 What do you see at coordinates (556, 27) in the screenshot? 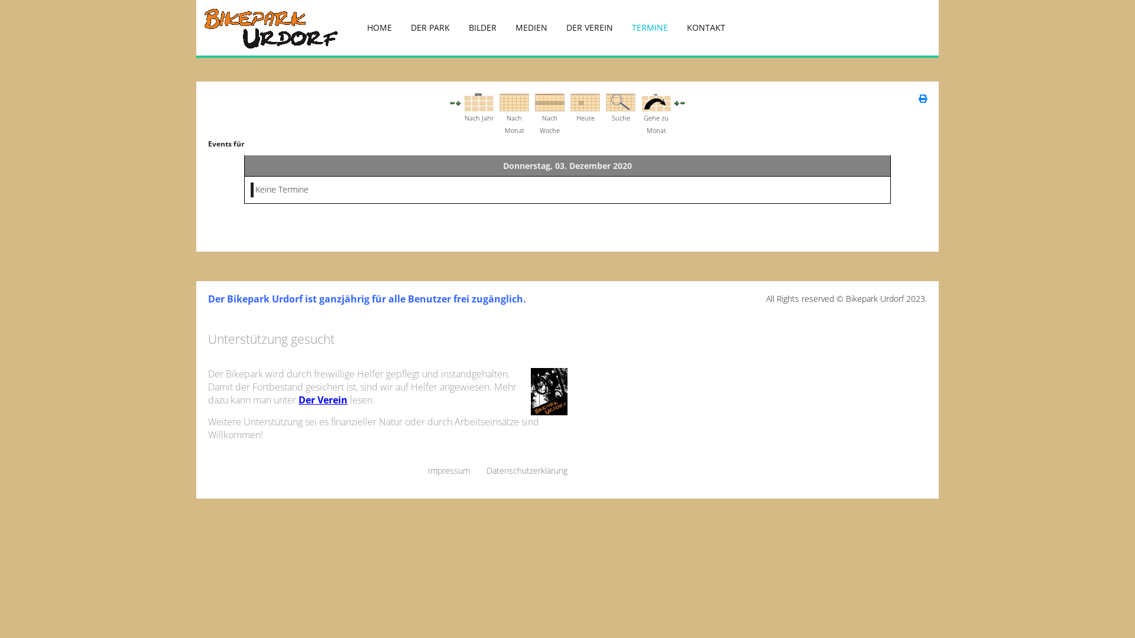
I see `'DER VEREIN'` at bounding box center [556, 27].